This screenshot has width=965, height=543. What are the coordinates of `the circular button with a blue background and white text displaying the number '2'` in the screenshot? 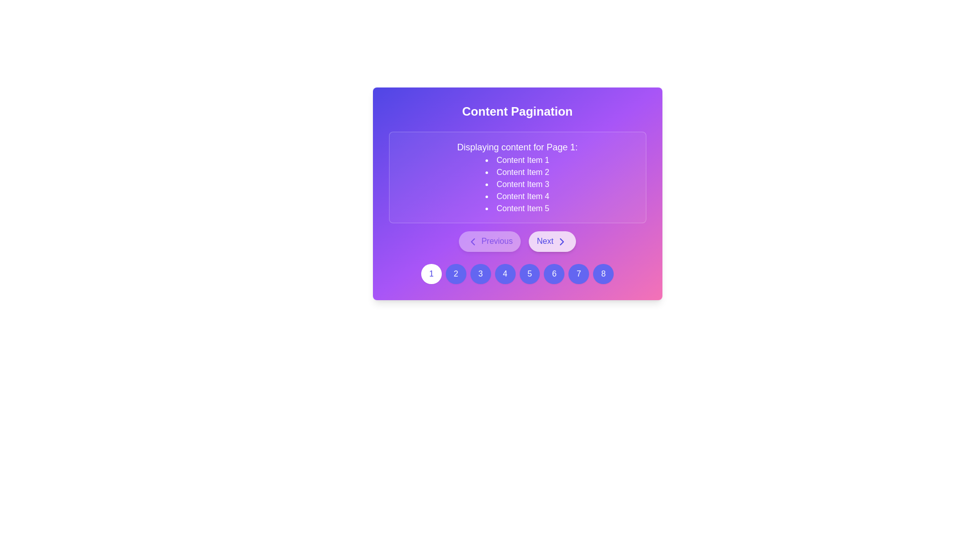 It's located at (455, 274).